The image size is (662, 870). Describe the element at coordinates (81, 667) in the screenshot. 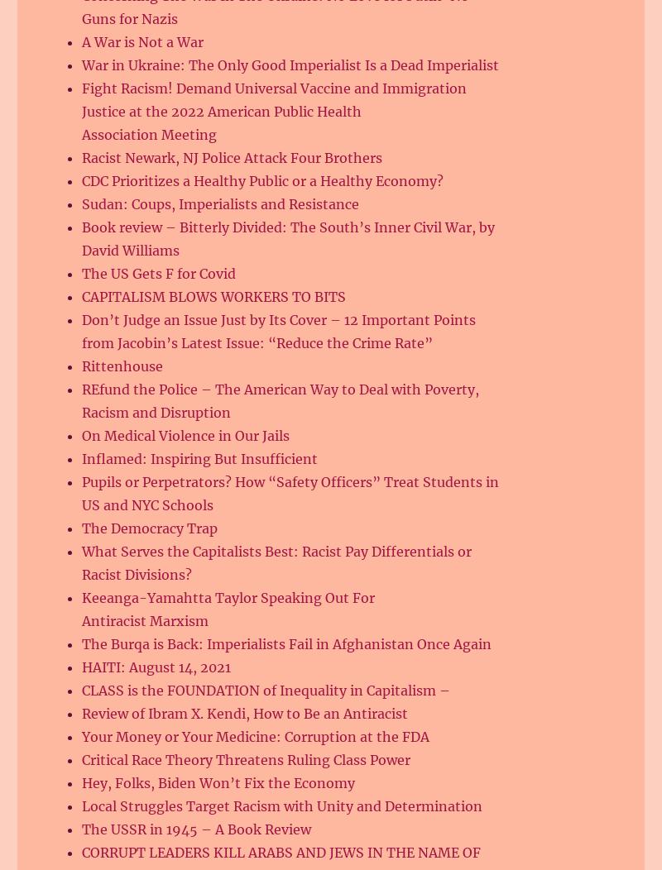

I see `'HAITI: August 14, 2021'` at that location.